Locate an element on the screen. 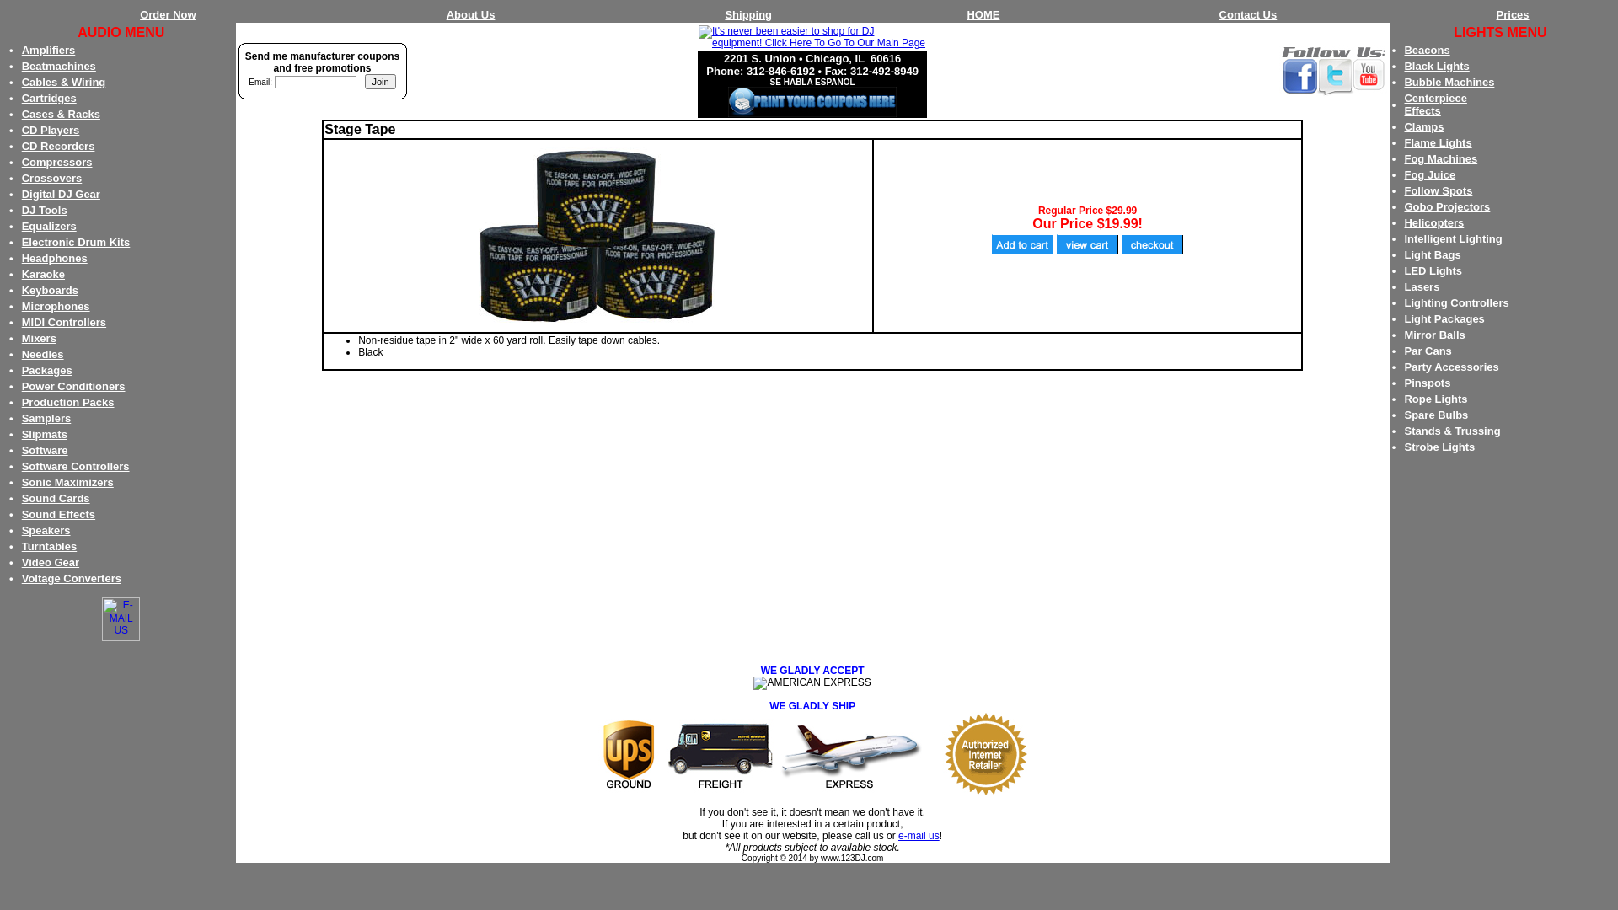 The width and height of the screenshot is (1618, 910). 'Black Lights' is located at coordinates (1403, 65).